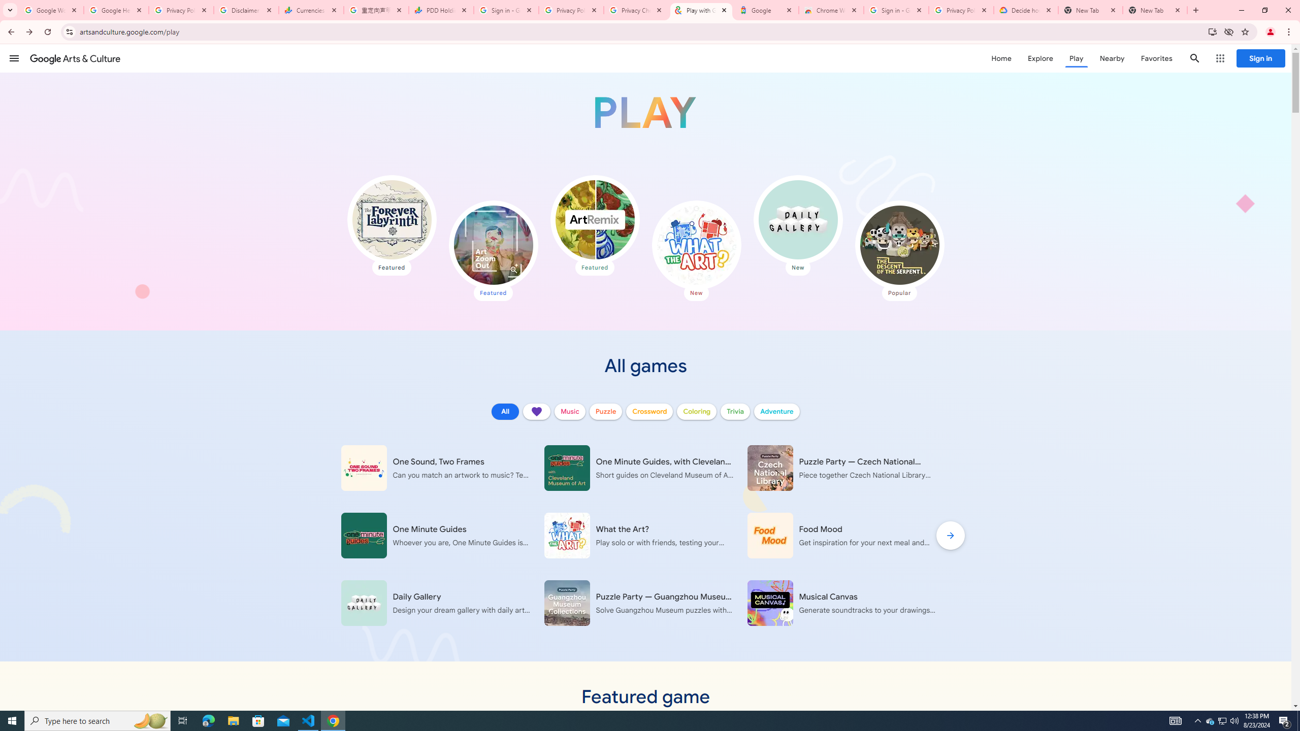 The height and width of the screenshot is (731, 1300). I want to click on 'Install Google Arts & Culture', so click(1213, 31).